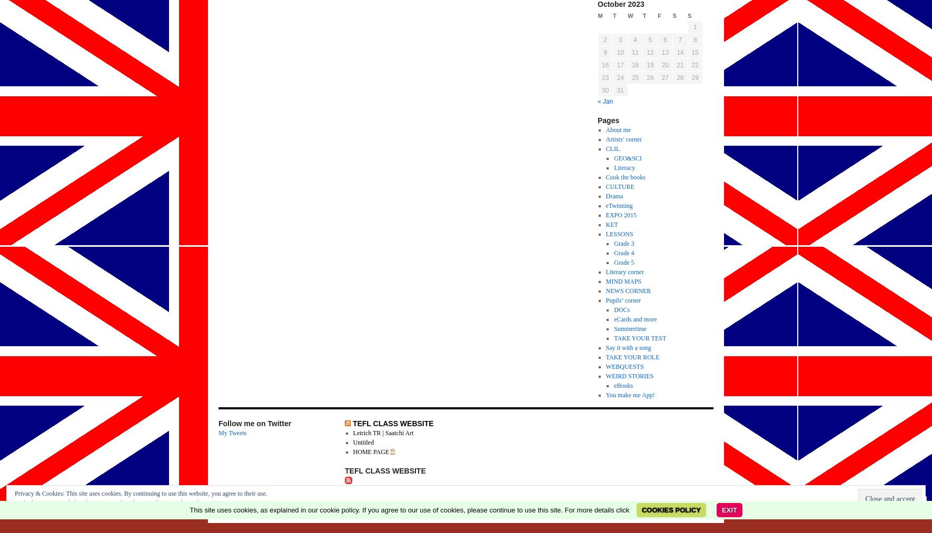 Image resolution: width=932 pixels, height=533 pixels. Describe the element at coordinates (679, 77) in the screenshot. I see `'28'` at that location.